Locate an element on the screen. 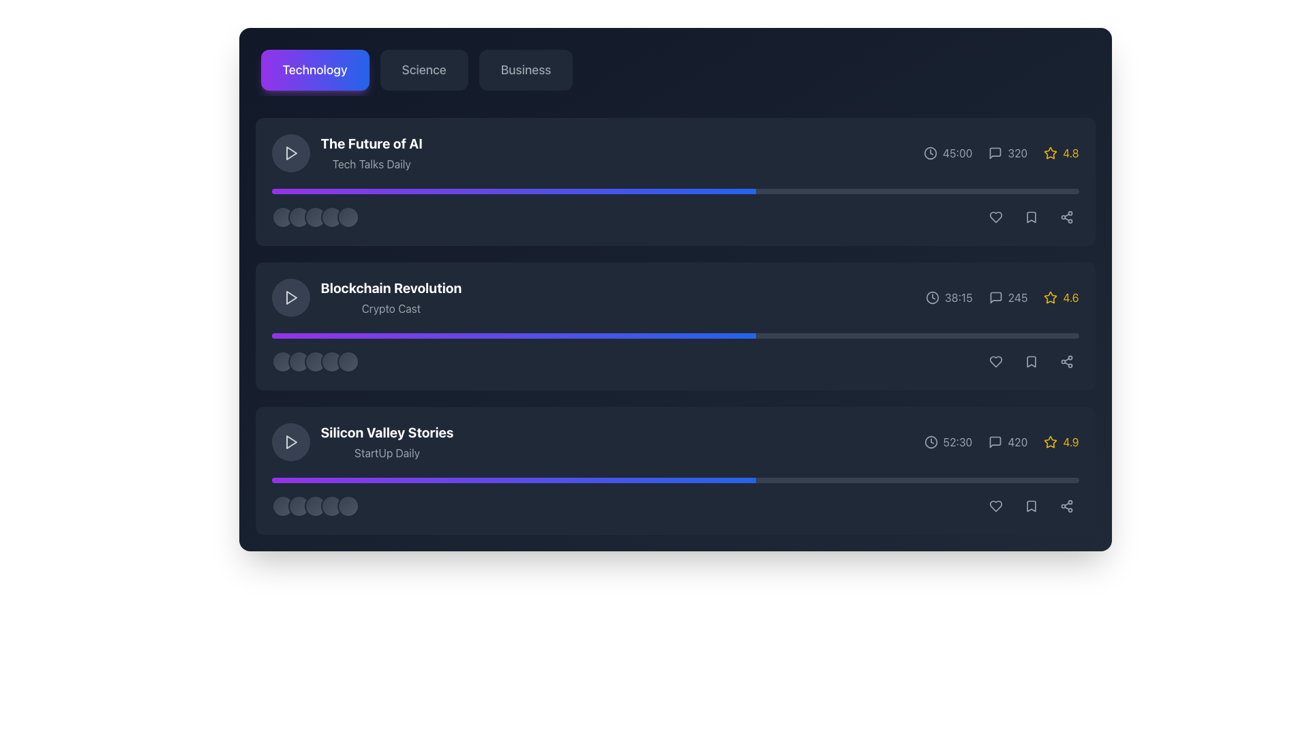 This screenshot has width=1309, height=736. progress is located at coordinates (663, 336).